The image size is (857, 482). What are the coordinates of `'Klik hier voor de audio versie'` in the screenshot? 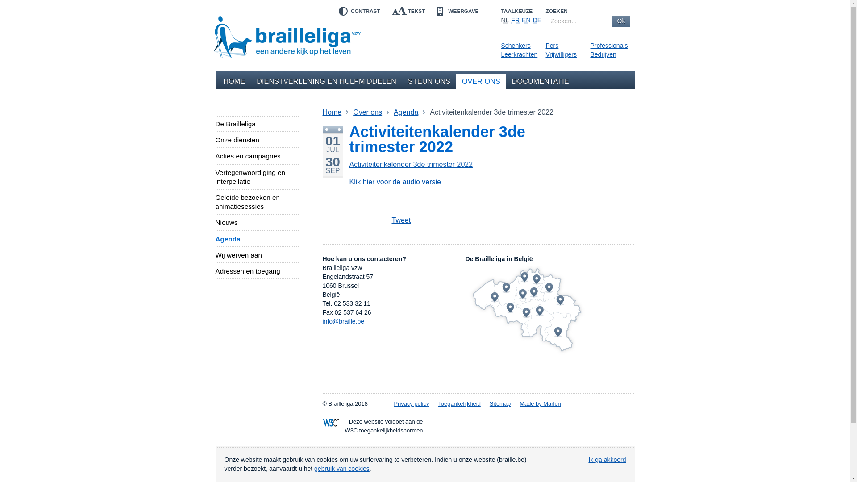 It's located at (394, 181).